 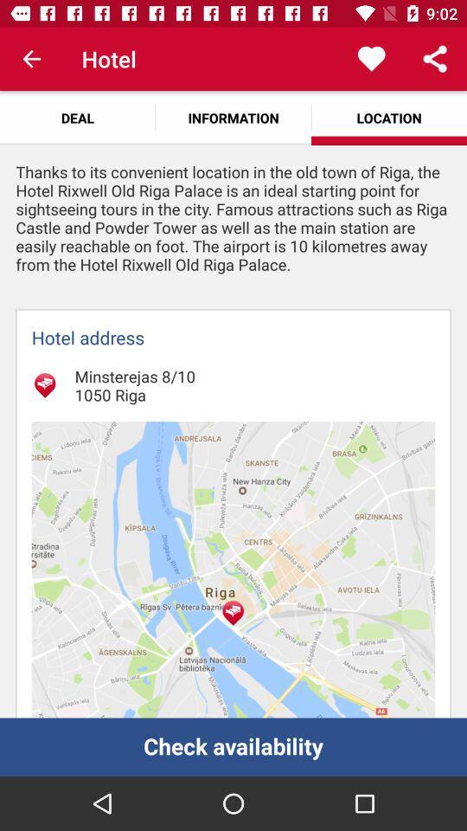 I want to click on the check availability item, so click(x=233, y=746).